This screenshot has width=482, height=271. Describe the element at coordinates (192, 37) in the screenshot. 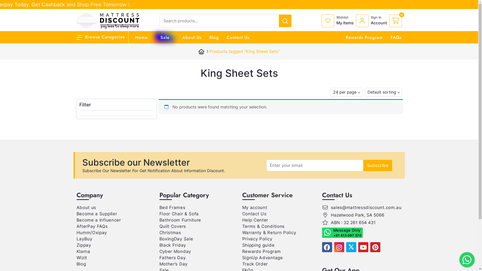

I see `'About Us'` at that location.